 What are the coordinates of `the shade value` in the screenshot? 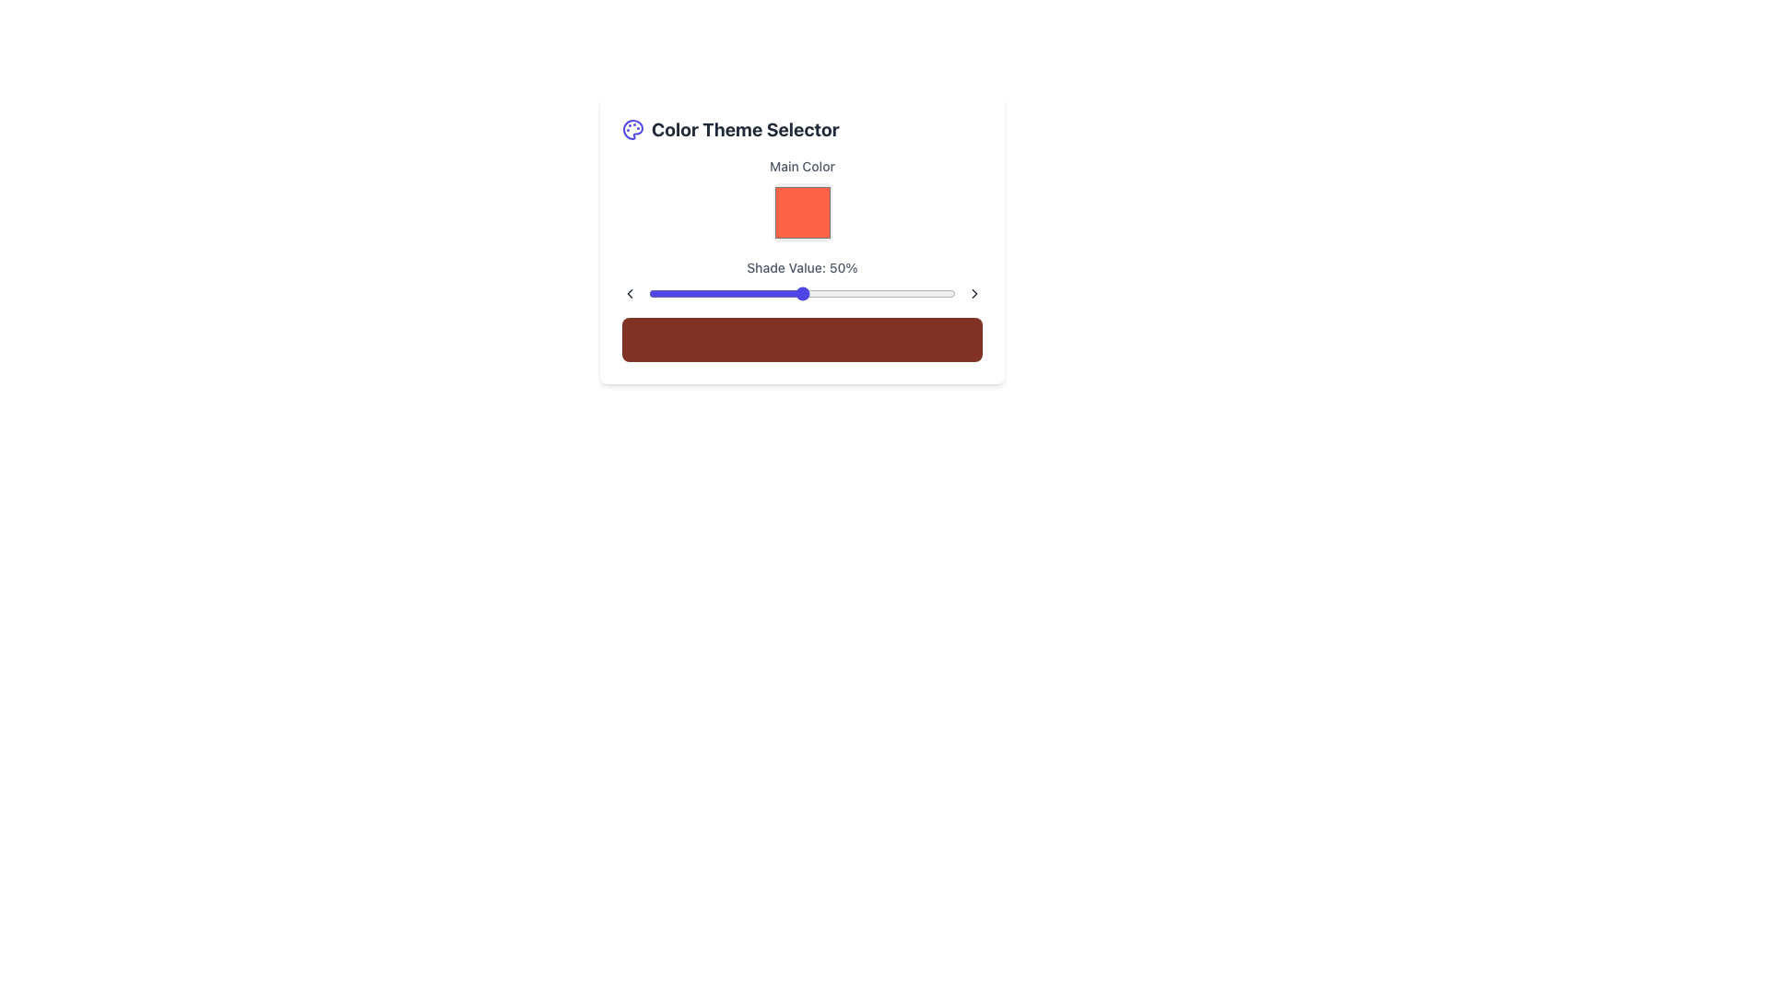 It's located at (847, 293).